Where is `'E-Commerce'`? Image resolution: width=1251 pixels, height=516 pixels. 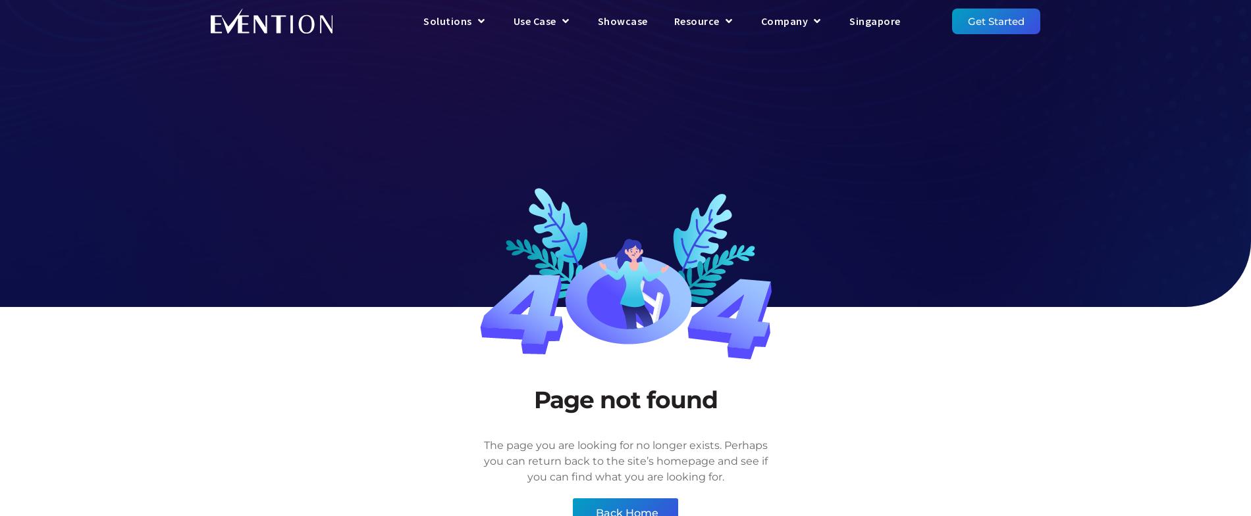
'E-Commerce' is located at coordinates (727, 176).